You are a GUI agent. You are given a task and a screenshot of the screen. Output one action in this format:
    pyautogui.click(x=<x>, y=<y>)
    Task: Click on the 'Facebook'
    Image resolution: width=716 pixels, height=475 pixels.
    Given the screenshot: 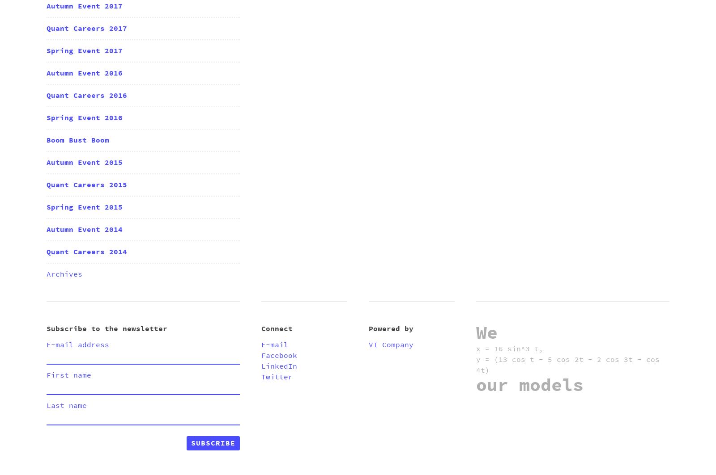 What is the action you would take?
    pyautogui.click(x=279, y=355)
    